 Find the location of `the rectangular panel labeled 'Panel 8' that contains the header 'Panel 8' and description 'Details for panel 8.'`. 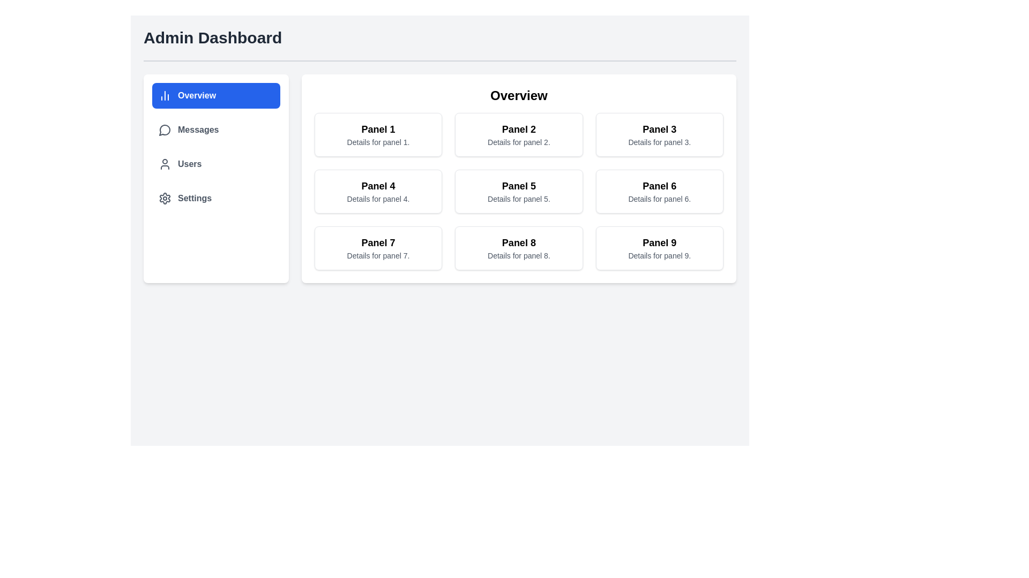

the rectangular panel labeled 'Panel 8' that contains the header 'Panel 8' and description 'Details for panel 8.' is located at coordinates (519, 248).